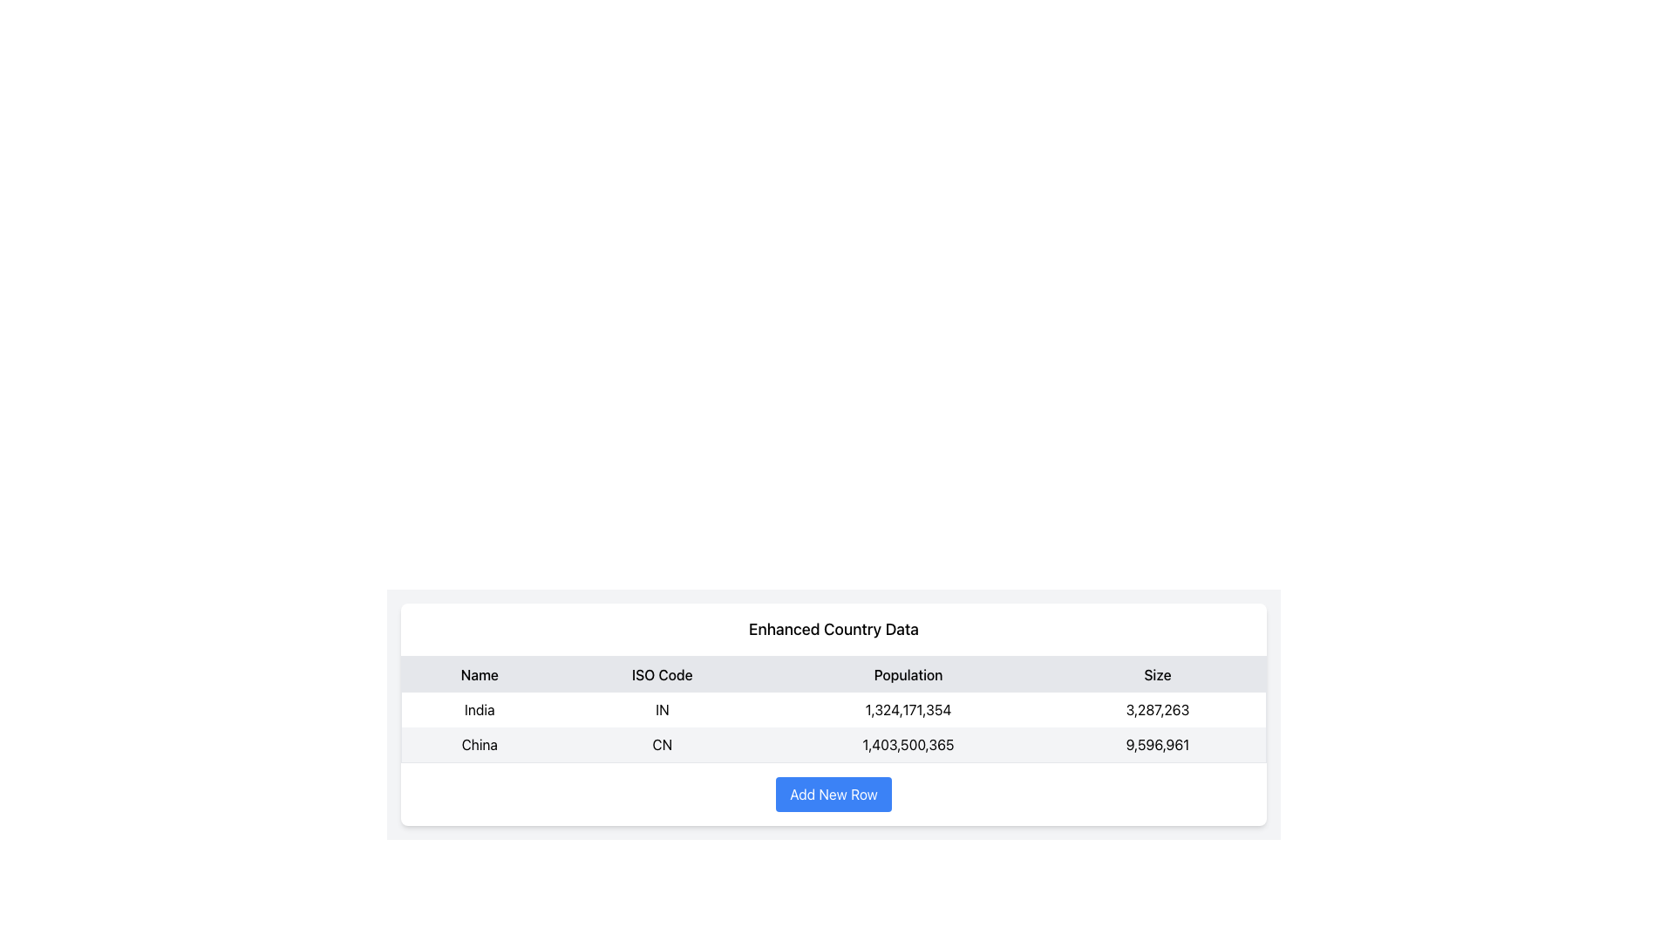 The width and height of the screenshot is (1674, 942). Describe the element at coordinates (480, 673) in the screenshot. I see `the 'Name' text field located in the first column of the header row in the 'Enhanced Country Data' panel` at that location.